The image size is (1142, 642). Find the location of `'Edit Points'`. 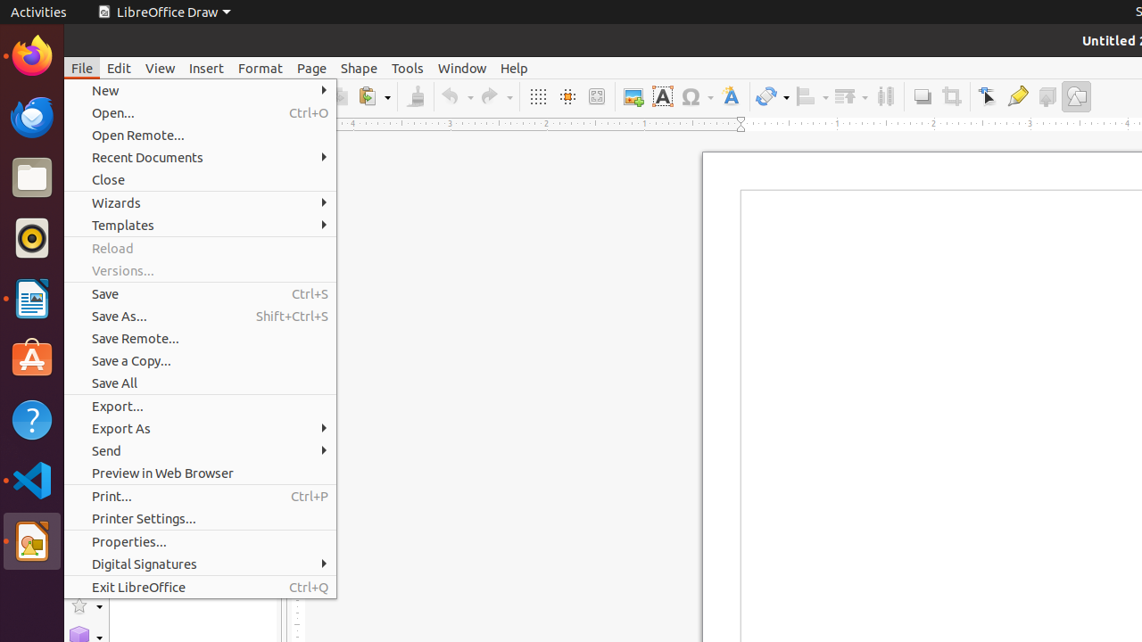

'Edit Points' is located at coordinates (987, 96).